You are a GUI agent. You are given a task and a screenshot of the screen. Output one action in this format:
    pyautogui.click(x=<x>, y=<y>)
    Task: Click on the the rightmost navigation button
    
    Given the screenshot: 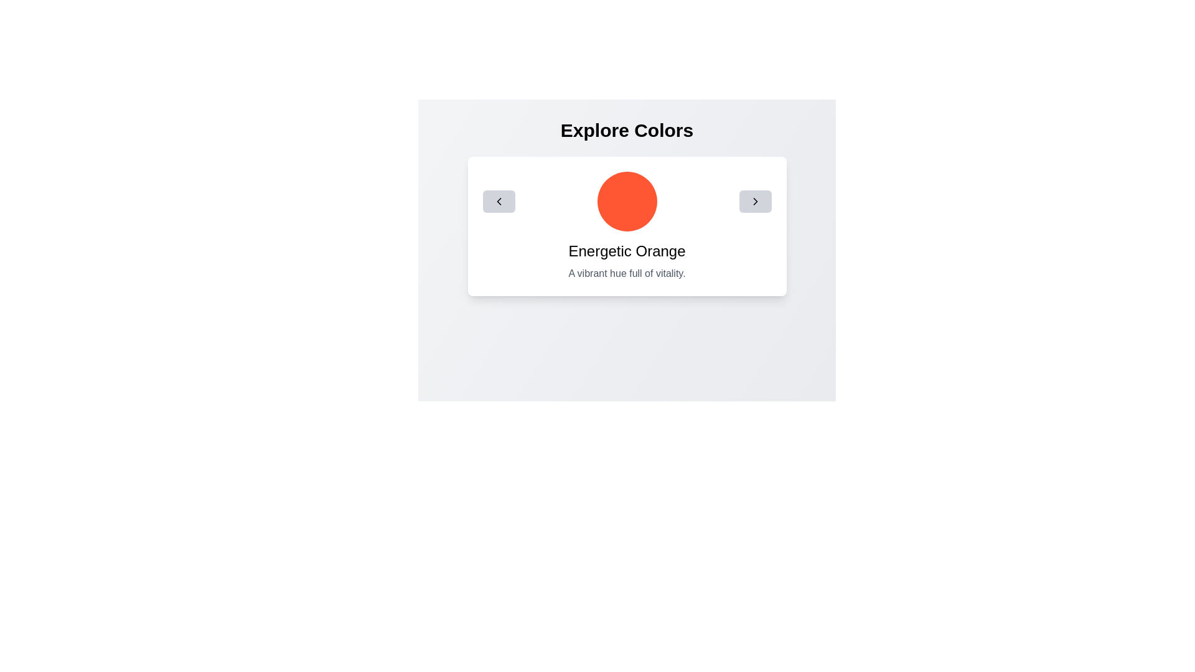 What is the action you would take?
    pyautogui.click(x=754, y=201)
    